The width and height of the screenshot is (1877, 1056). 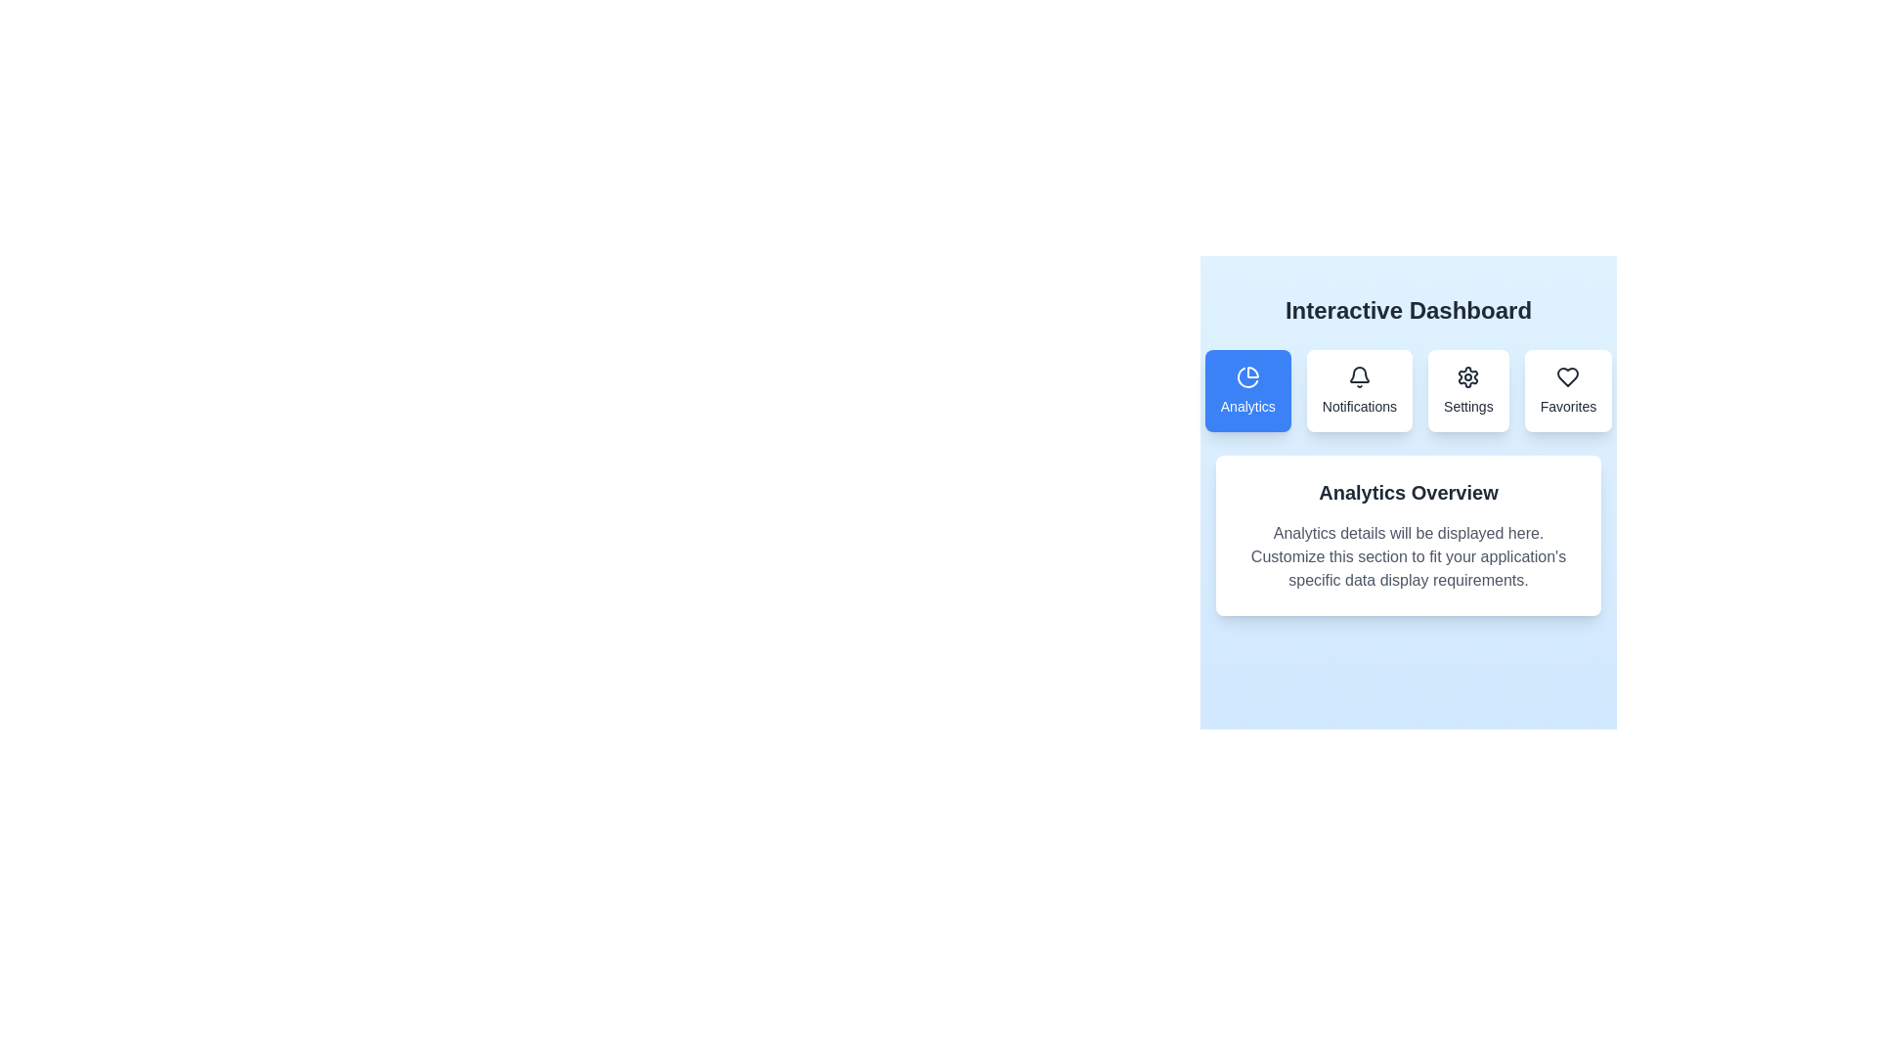 I want to click on the 'Settings' text label, which is styled in gray and positioned under a gear icon, indicating its association with application settings, so click(x=1468, y=406).